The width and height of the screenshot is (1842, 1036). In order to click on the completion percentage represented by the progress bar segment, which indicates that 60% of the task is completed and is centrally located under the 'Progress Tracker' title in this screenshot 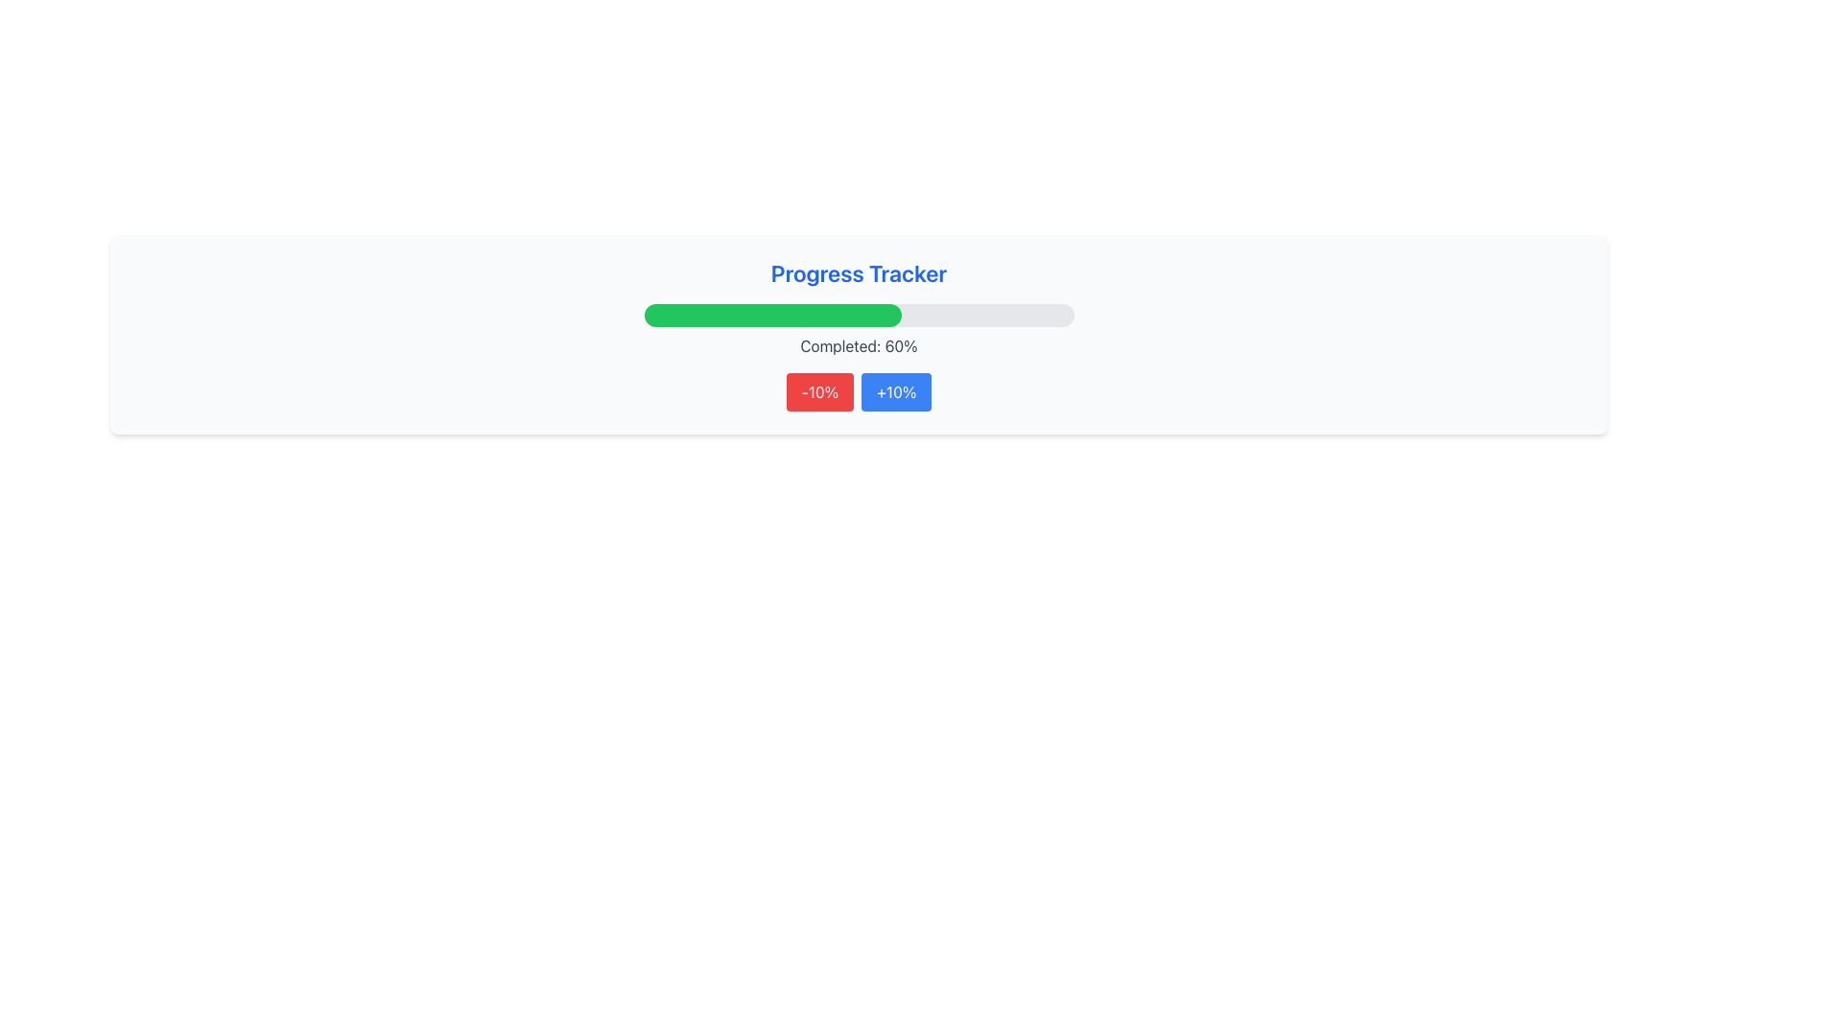, I will do `click(772, 314)`.